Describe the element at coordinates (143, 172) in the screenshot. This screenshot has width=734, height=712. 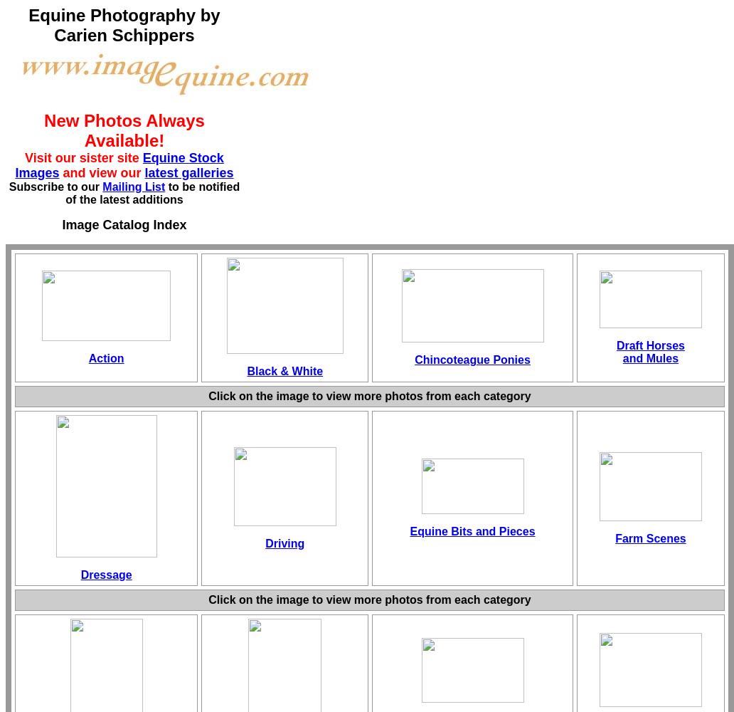
I see `'latest galleries'` at that location.